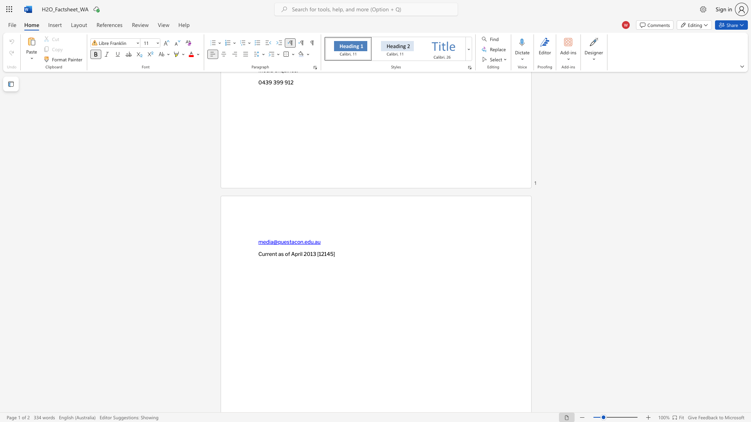 The width and height of the screenshot is (751, 422). What do you see at coordinates (312, 254) in the screenshot?
I see `the subset text "3 [12145]" within the text "Current as of April 2013 [12145]"` at bounding box center [312, 254].